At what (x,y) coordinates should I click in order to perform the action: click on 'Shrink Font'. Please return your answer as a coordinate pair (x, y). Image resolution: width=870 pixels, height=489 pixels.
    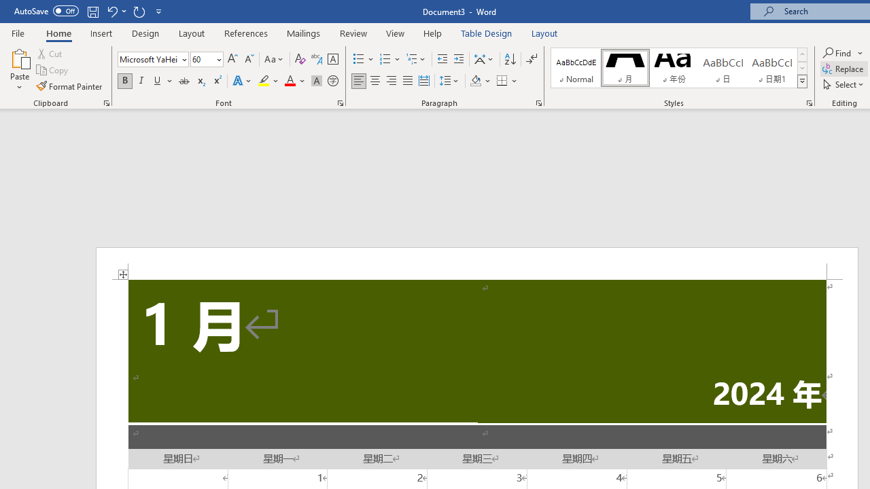
    Looking at the image, I should click on (249, 58).